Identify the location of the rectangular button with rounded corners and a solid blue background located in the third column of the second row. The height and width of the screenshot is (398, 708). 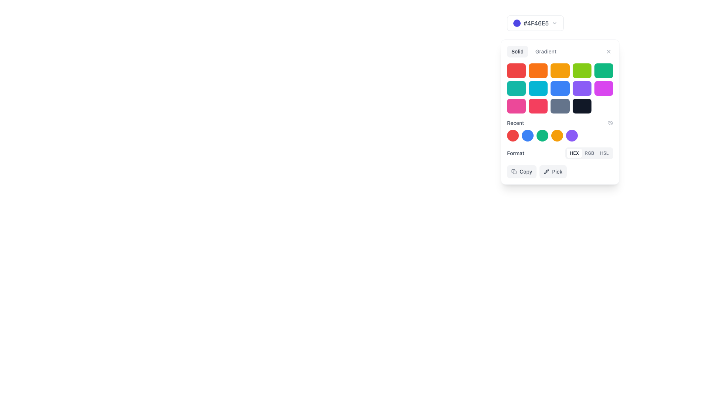
(560, 88).